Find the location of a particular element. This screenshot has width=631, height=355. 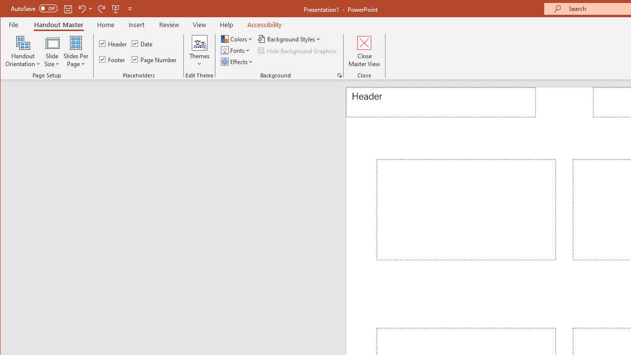

'Format Background...' is located at coordinates (340, 75).